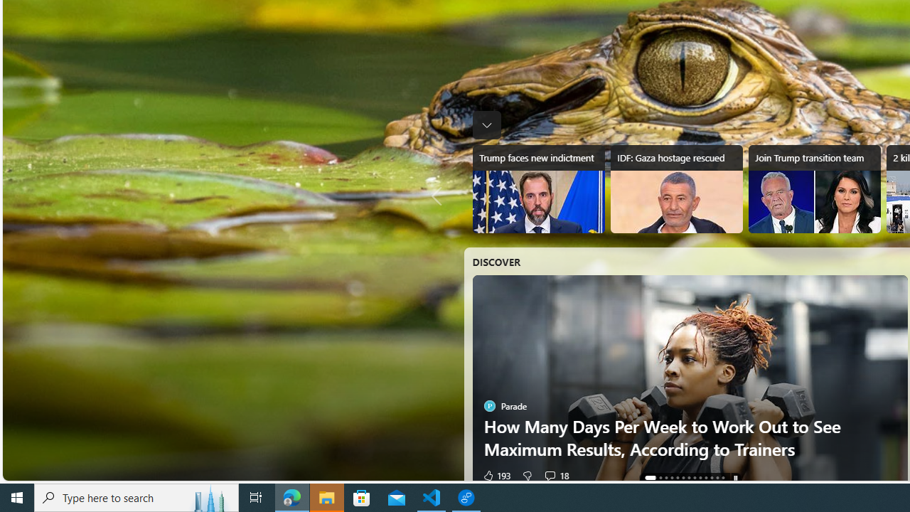  I want to click on 'IDF: Gaza hostage rescued', so click(675, 188).